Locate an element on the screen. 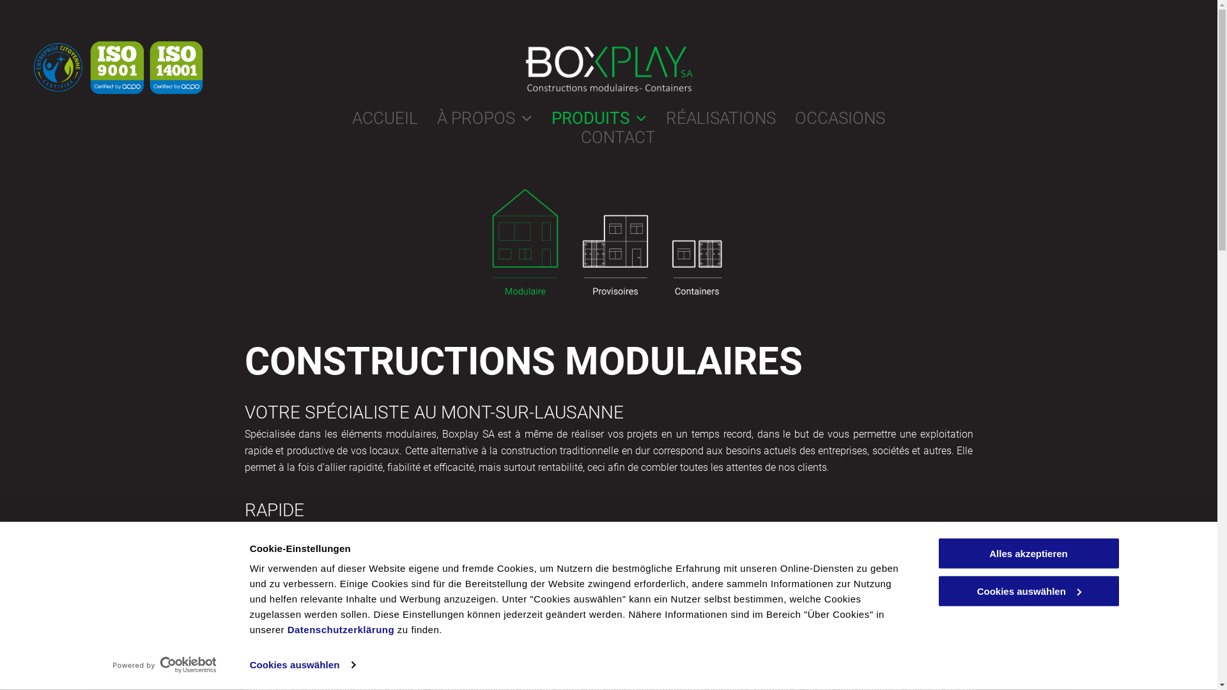  'CONTACT' is located at coordinates (608, 137).